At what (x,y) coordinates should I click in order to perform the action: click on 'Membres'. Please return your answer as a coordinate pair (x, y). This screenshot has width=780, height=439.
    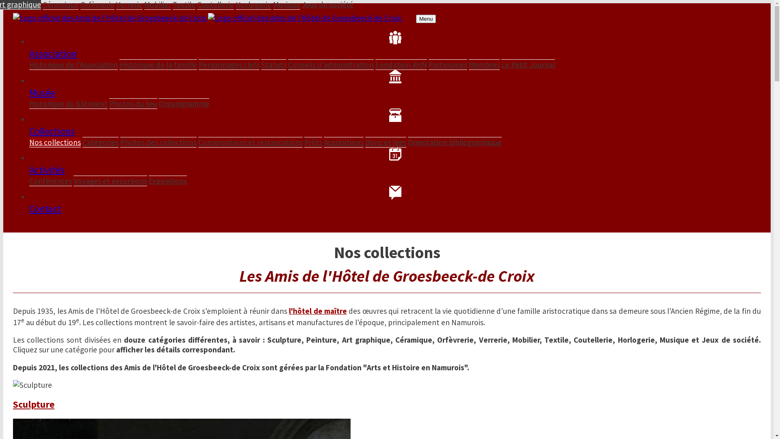
    Looking at the image, I should click on (468, 64).